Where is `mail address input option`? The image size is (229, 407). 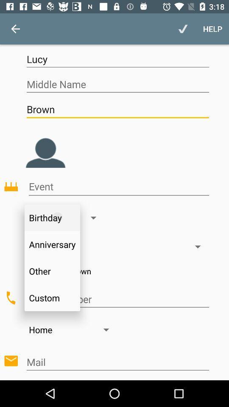
mail address input option is located at coordinates (117, 362).